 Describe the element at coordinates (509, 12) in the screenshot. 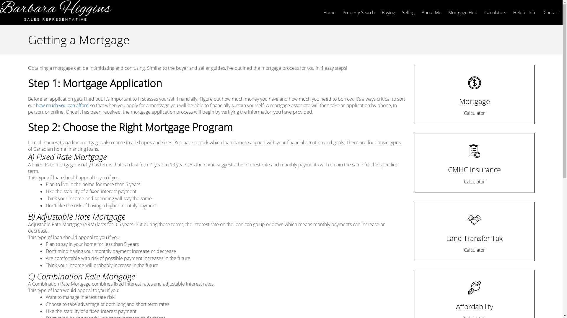

I see `'Helpful Info'` at that location.